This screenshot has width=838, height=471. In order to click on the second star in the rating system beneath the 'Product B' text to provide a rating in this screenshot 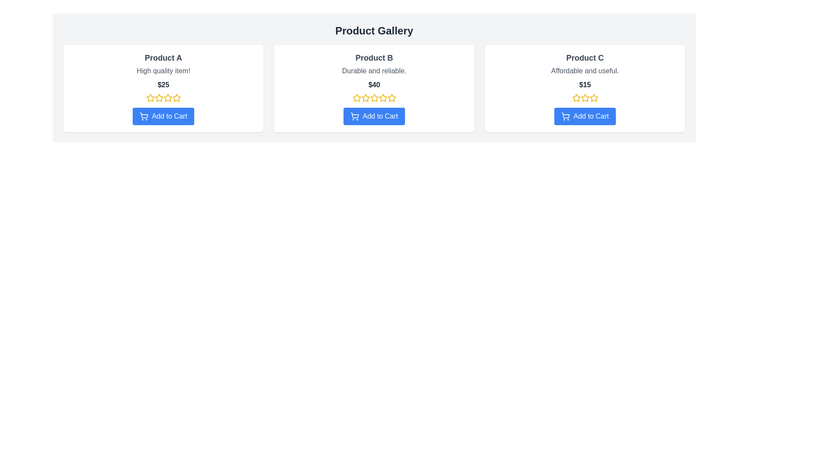, I will do `click(365, 98)`.